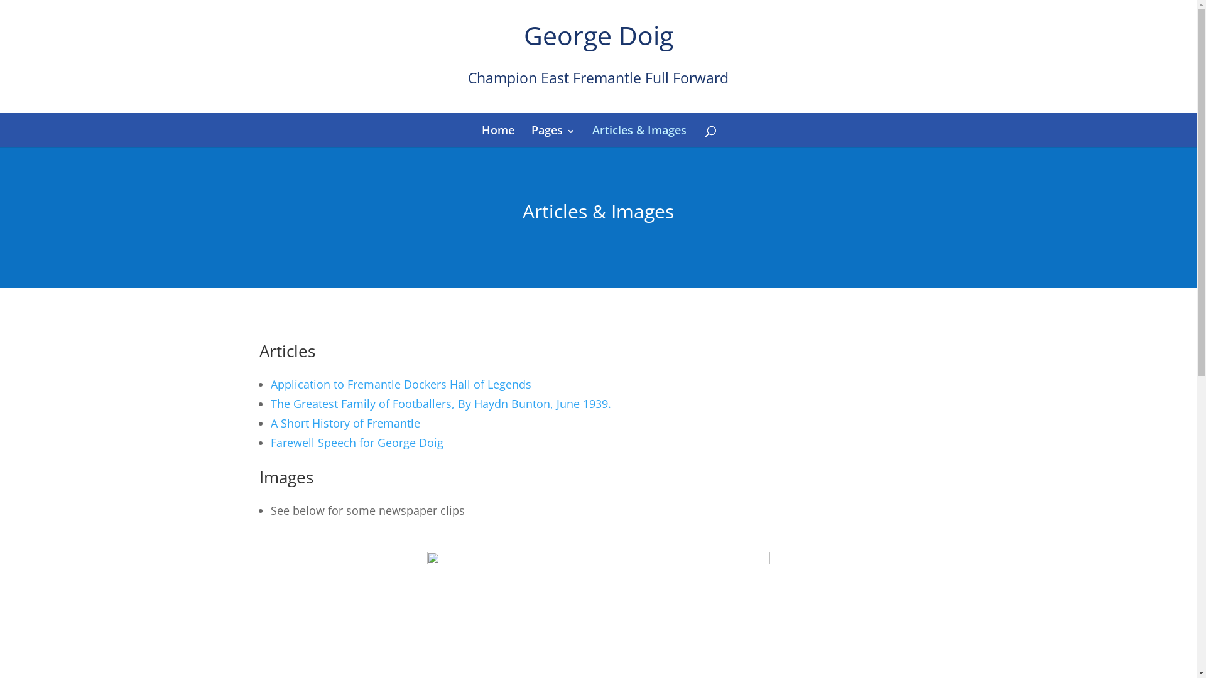 This screenshot has height=678, width=1206. I want to click on 'Articles & Images', so click(591, 130).